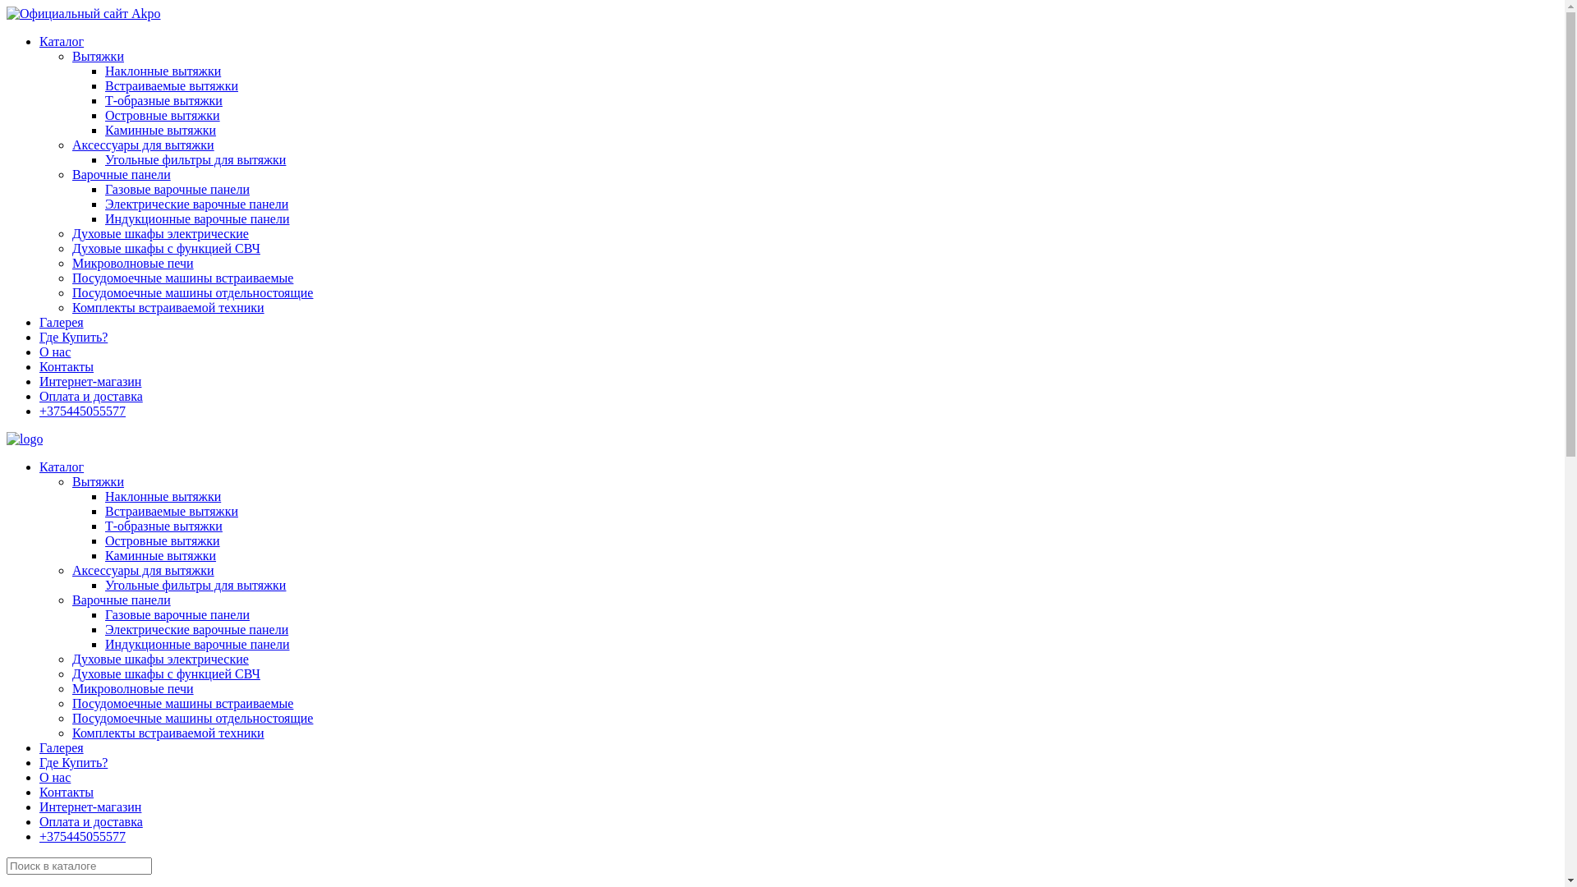 This screenshot has width=1577, height=887. I want to click on '+375445055577', so click(81, 836).